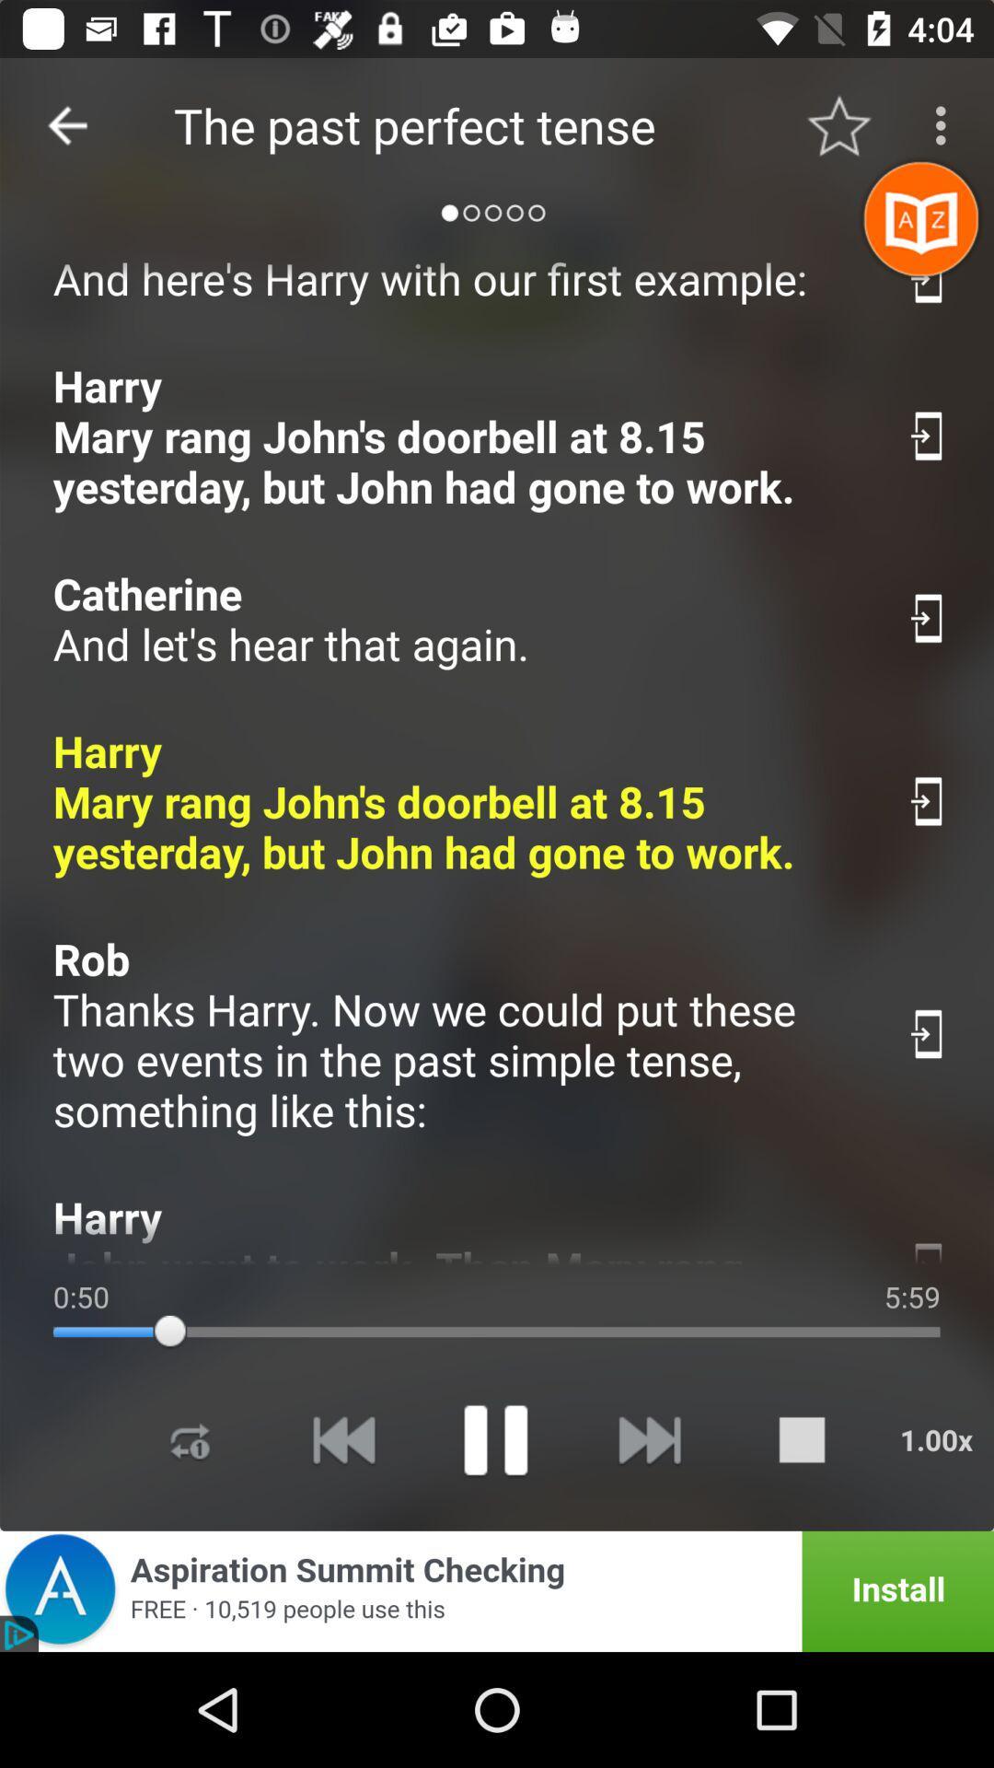 The image size is (994, 1768). I want to click on previous song media, so click(343, 1438).